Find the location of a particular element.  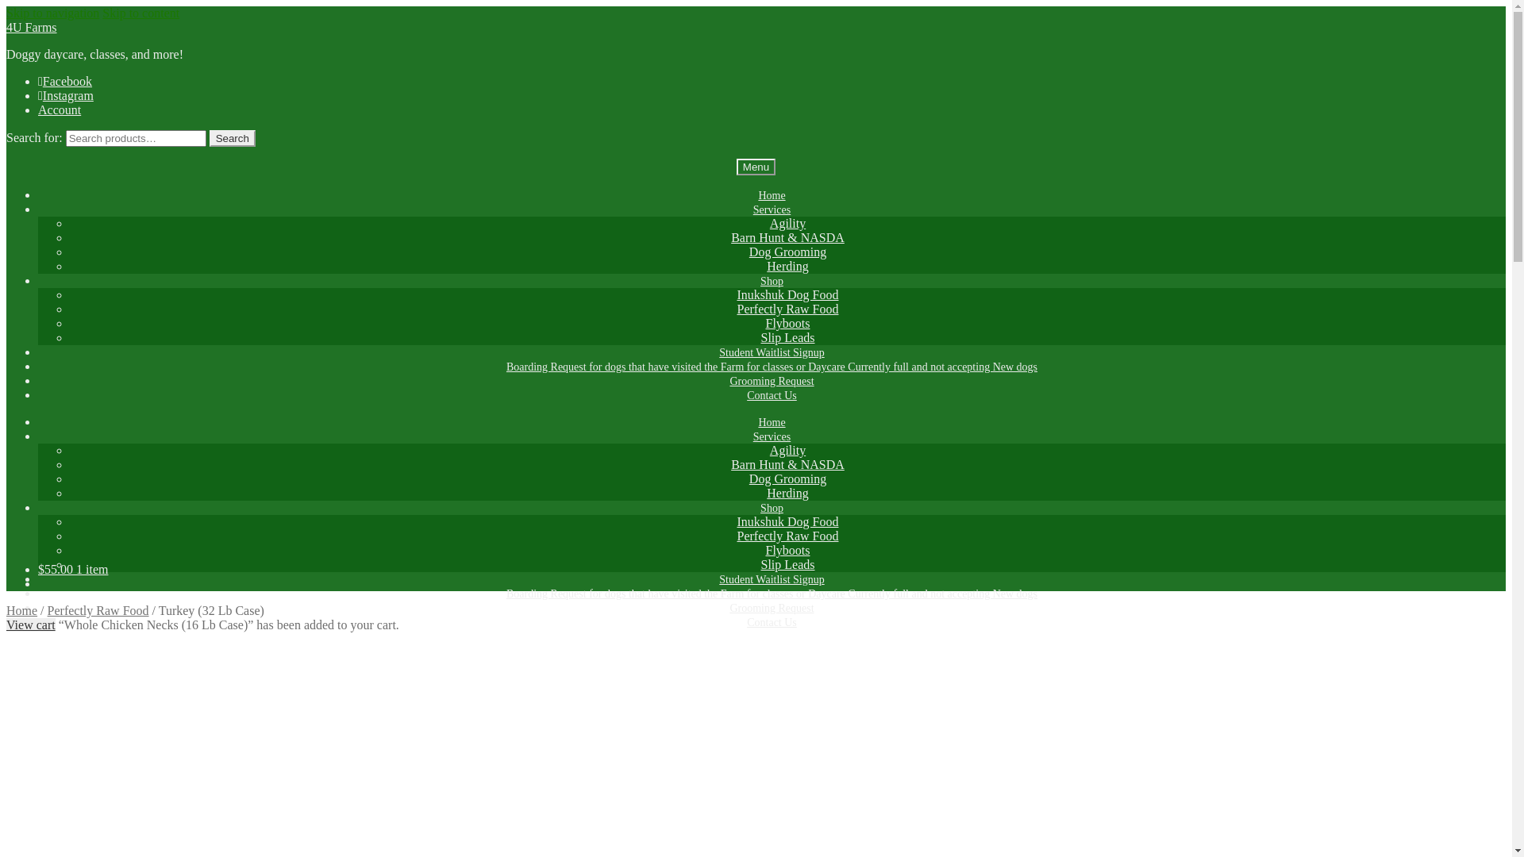

'Inukshuk Dog Food' is located at coordinates (735, 521).